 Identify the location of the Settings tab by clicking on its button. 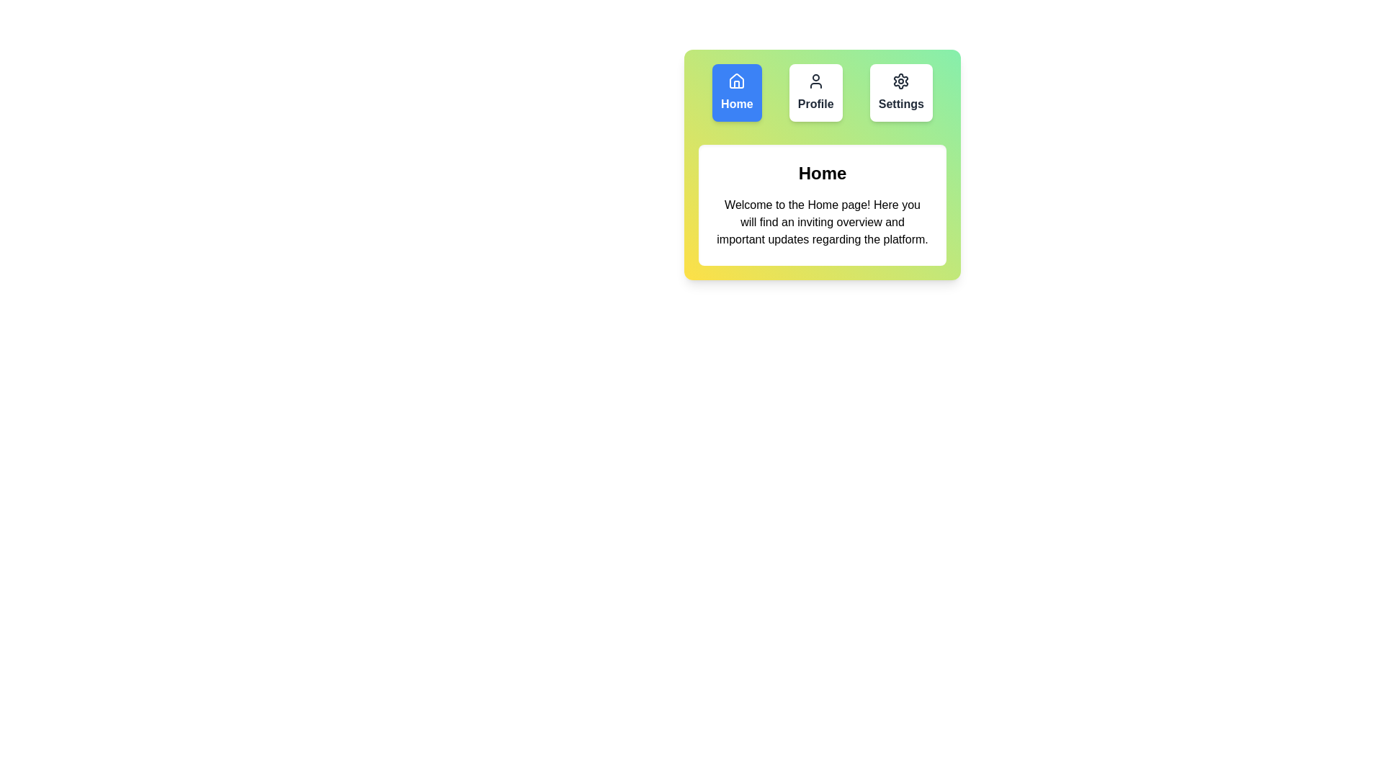
(900, 92).